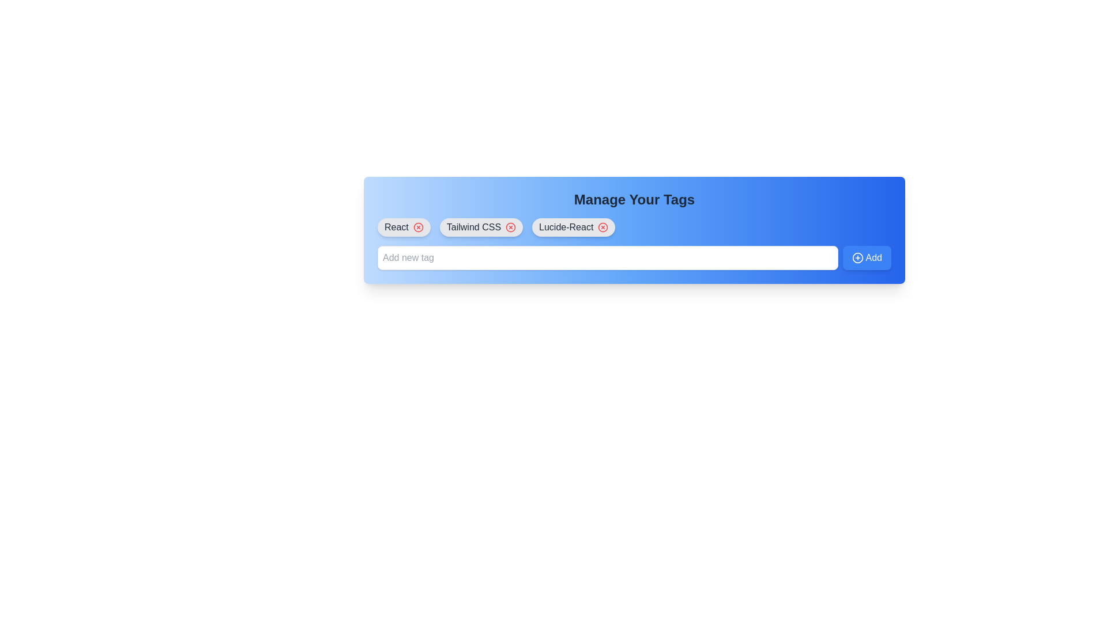  I want to click on the delete button located within the 'Tailwind CSS' tag, so click(510, 227).